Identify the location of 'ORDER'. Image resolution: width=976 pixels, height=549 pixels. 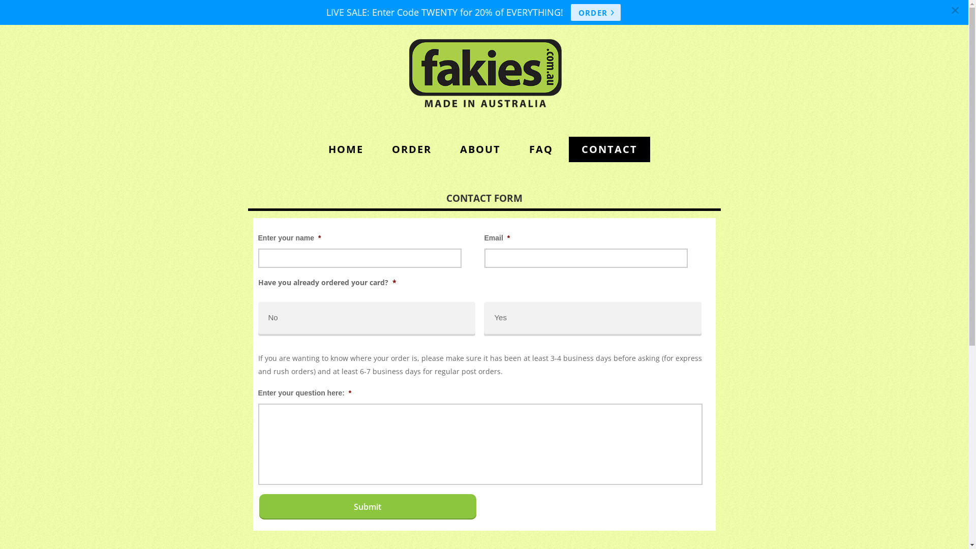
(378, 149).